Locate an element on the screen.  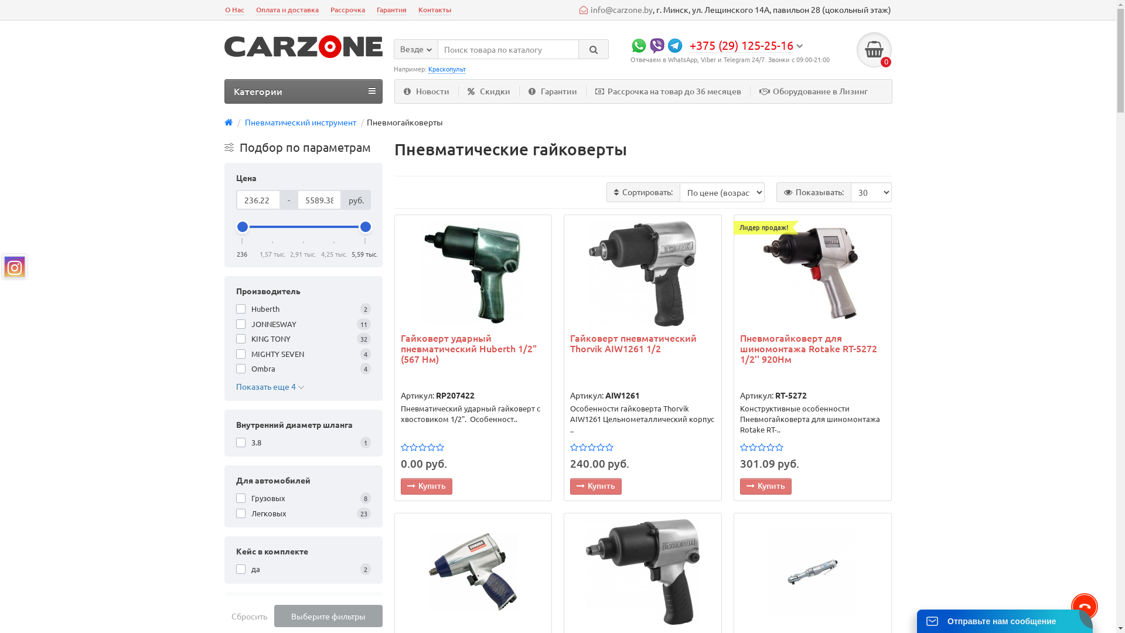
'KING TONY is located at coordinates (303, 339).